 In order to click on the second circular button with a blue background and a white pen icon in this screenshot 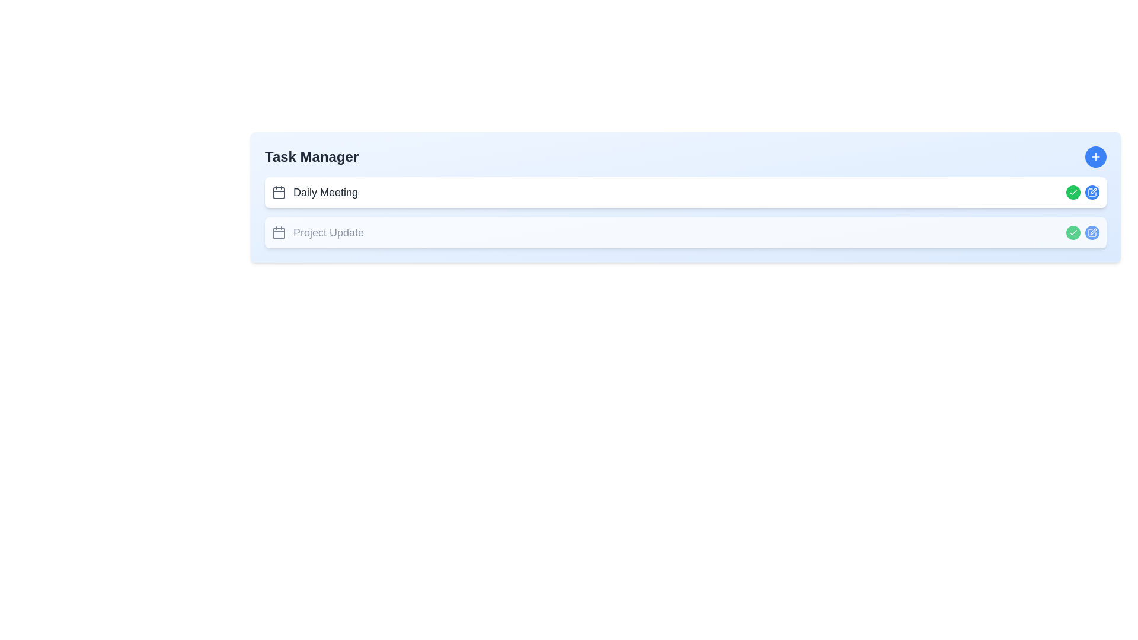, I will do `click(1092, 191)`.